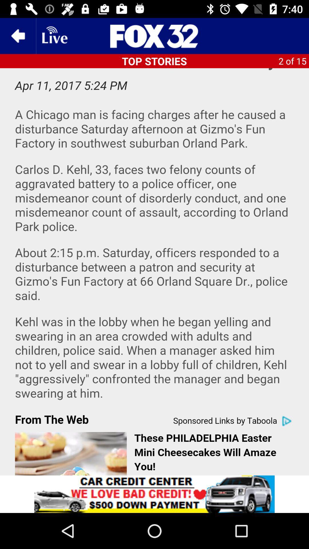 This screenshot has width=309, height=549. I want to click on livestream, so click(54, 35).